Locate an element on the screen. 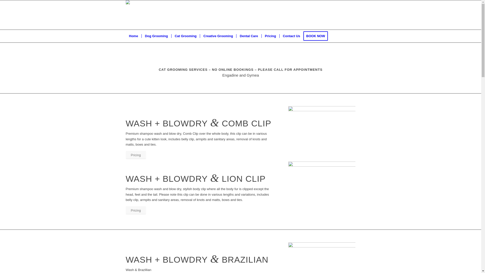  'Pricing' is located at coordinates (136, 155).